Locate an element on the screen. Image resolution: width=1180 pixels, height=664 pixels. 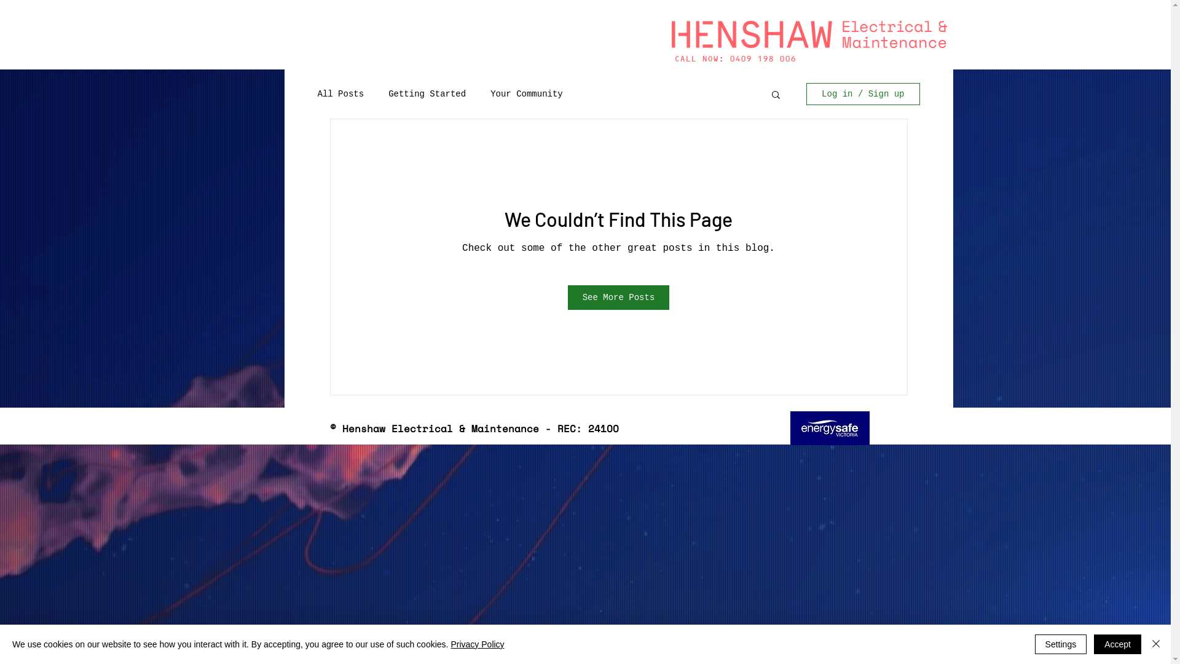
'All Posts' is located at coordinates (340, 93).